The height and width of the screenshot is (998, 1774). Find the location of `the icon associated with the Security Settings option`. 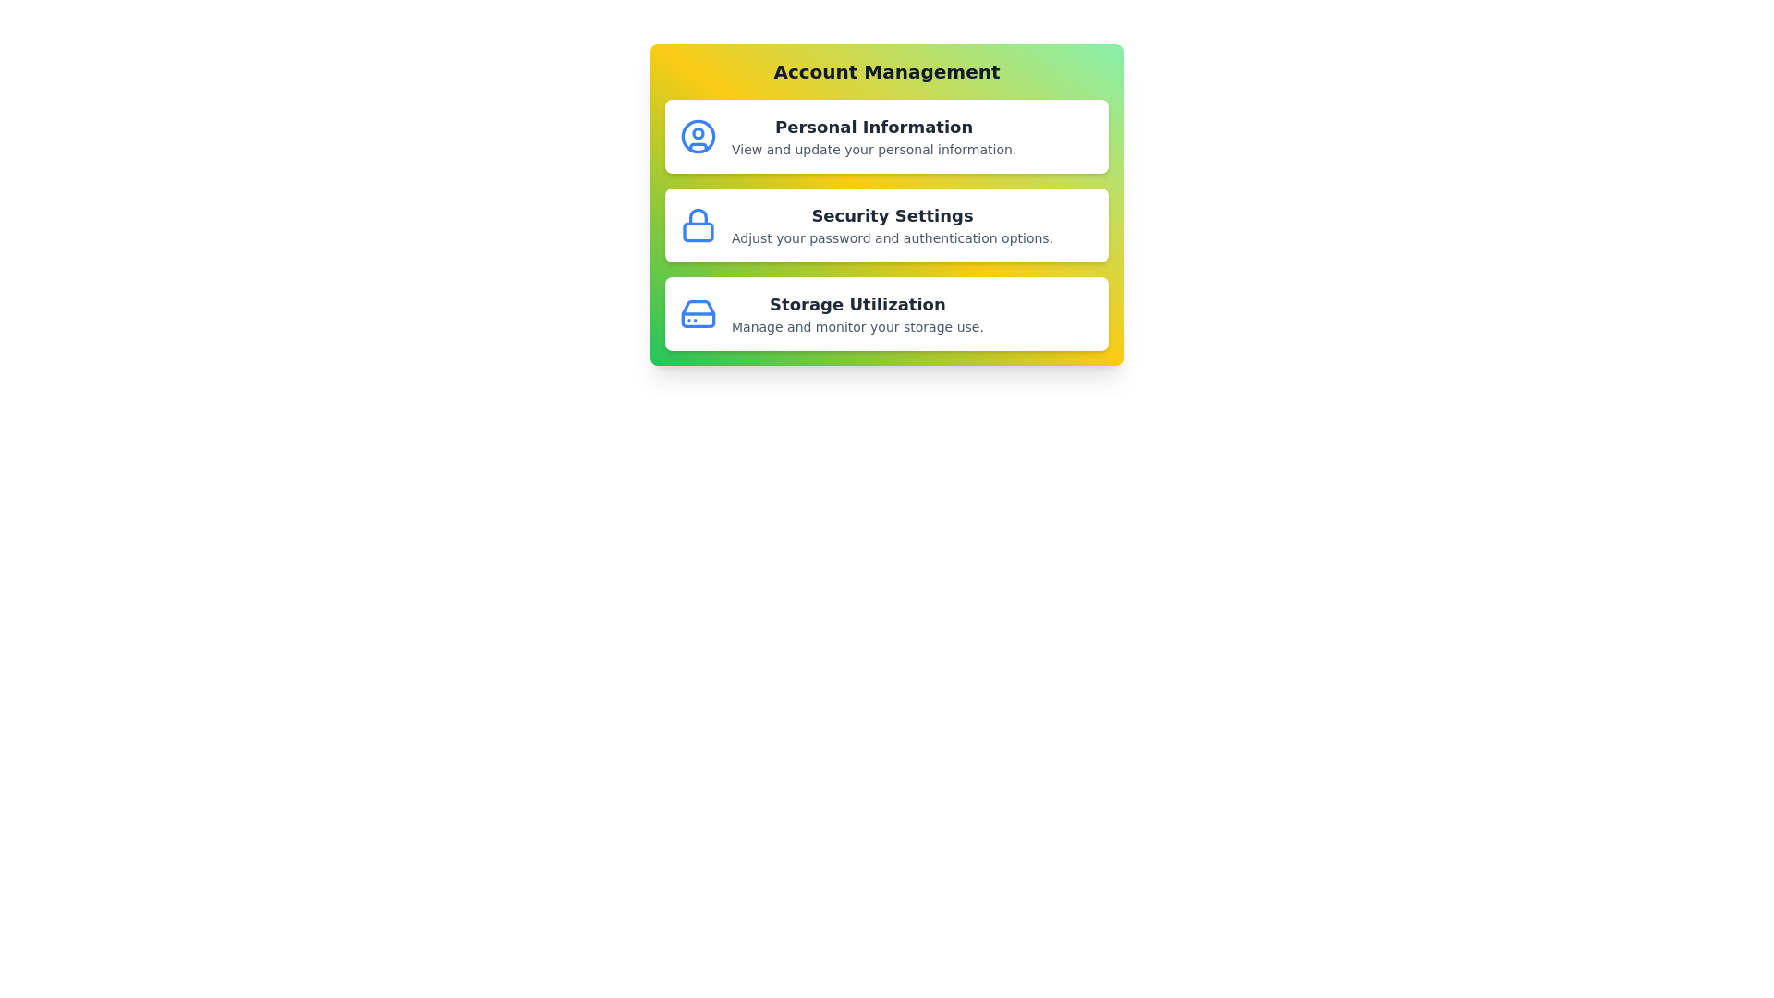

the icon associated with the Security Settings option is located at coordinates (697, 224).